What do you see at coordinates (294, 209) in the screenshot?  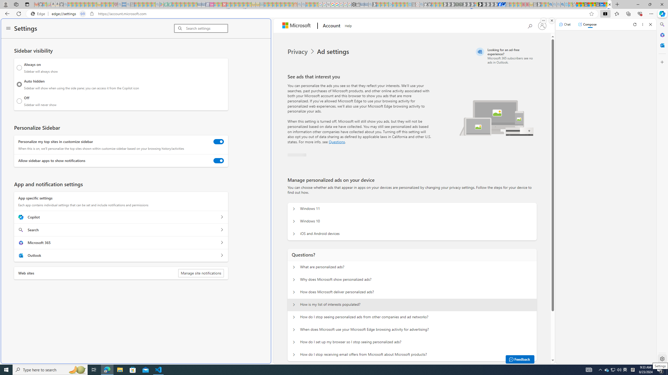 I see `'Manage personalized ads on your device Windows 11'` at bounding box center [294, 209].